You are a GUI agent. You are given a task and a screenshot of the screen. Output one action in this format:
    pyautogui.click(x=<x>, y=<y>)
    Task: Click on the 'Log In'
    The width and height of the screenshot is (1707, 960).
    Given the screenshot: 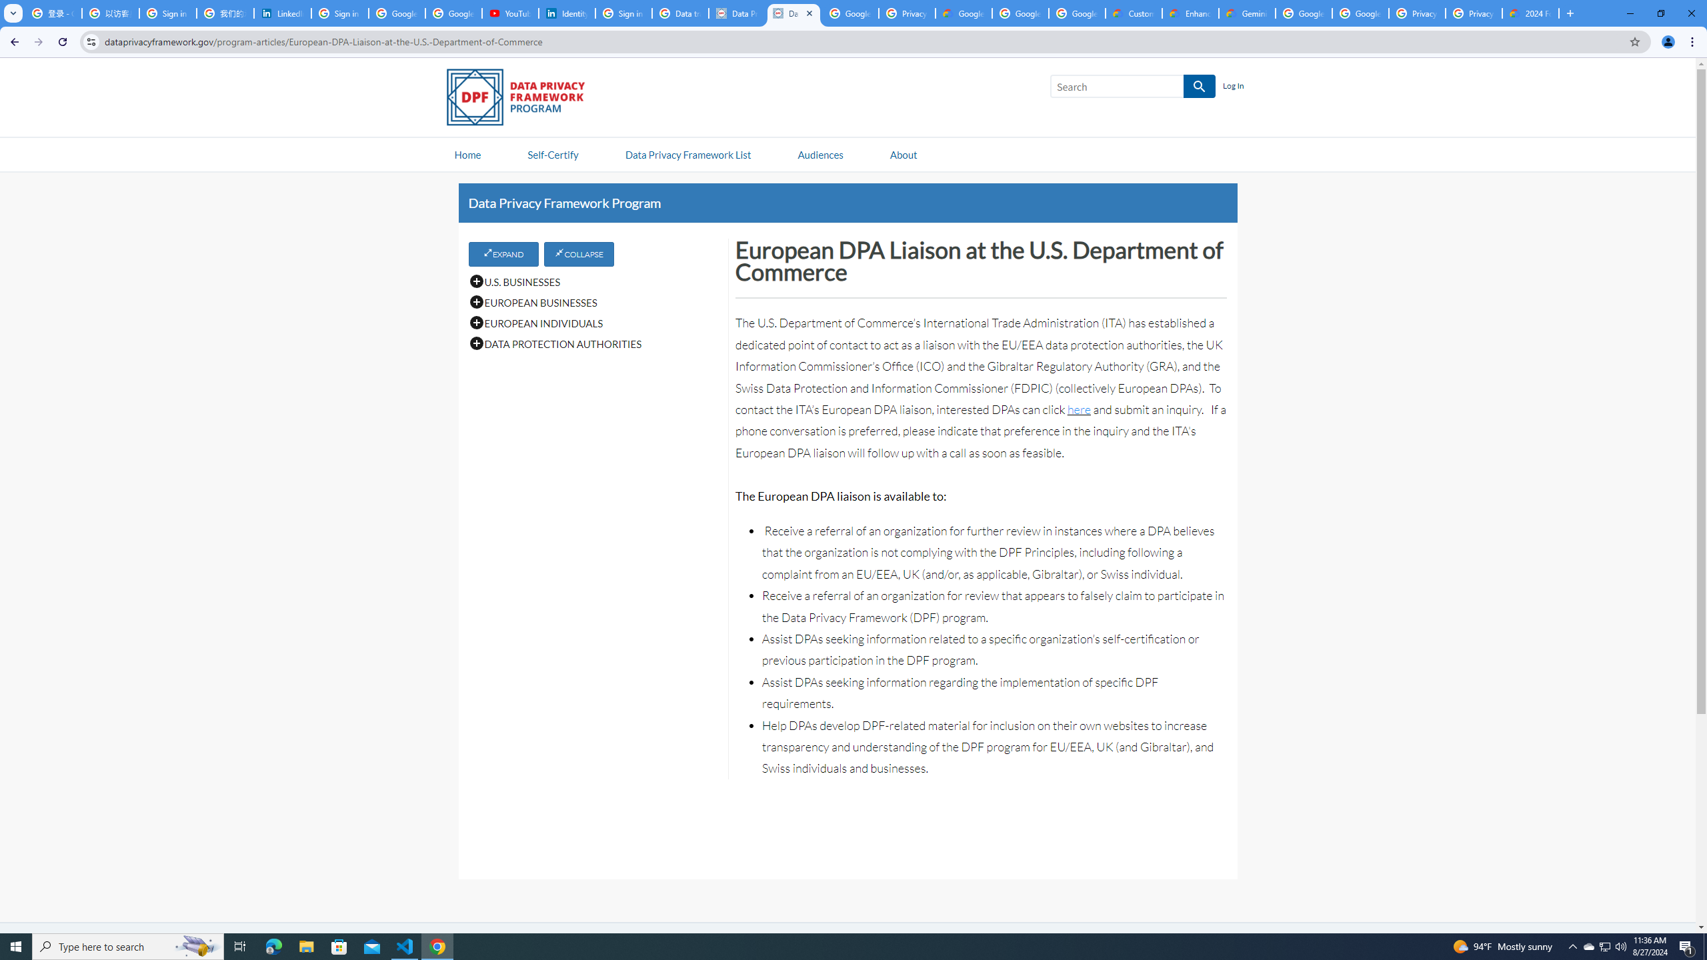 What is the action you would take?
    pyautogui.click(x=1232, y=86)
    